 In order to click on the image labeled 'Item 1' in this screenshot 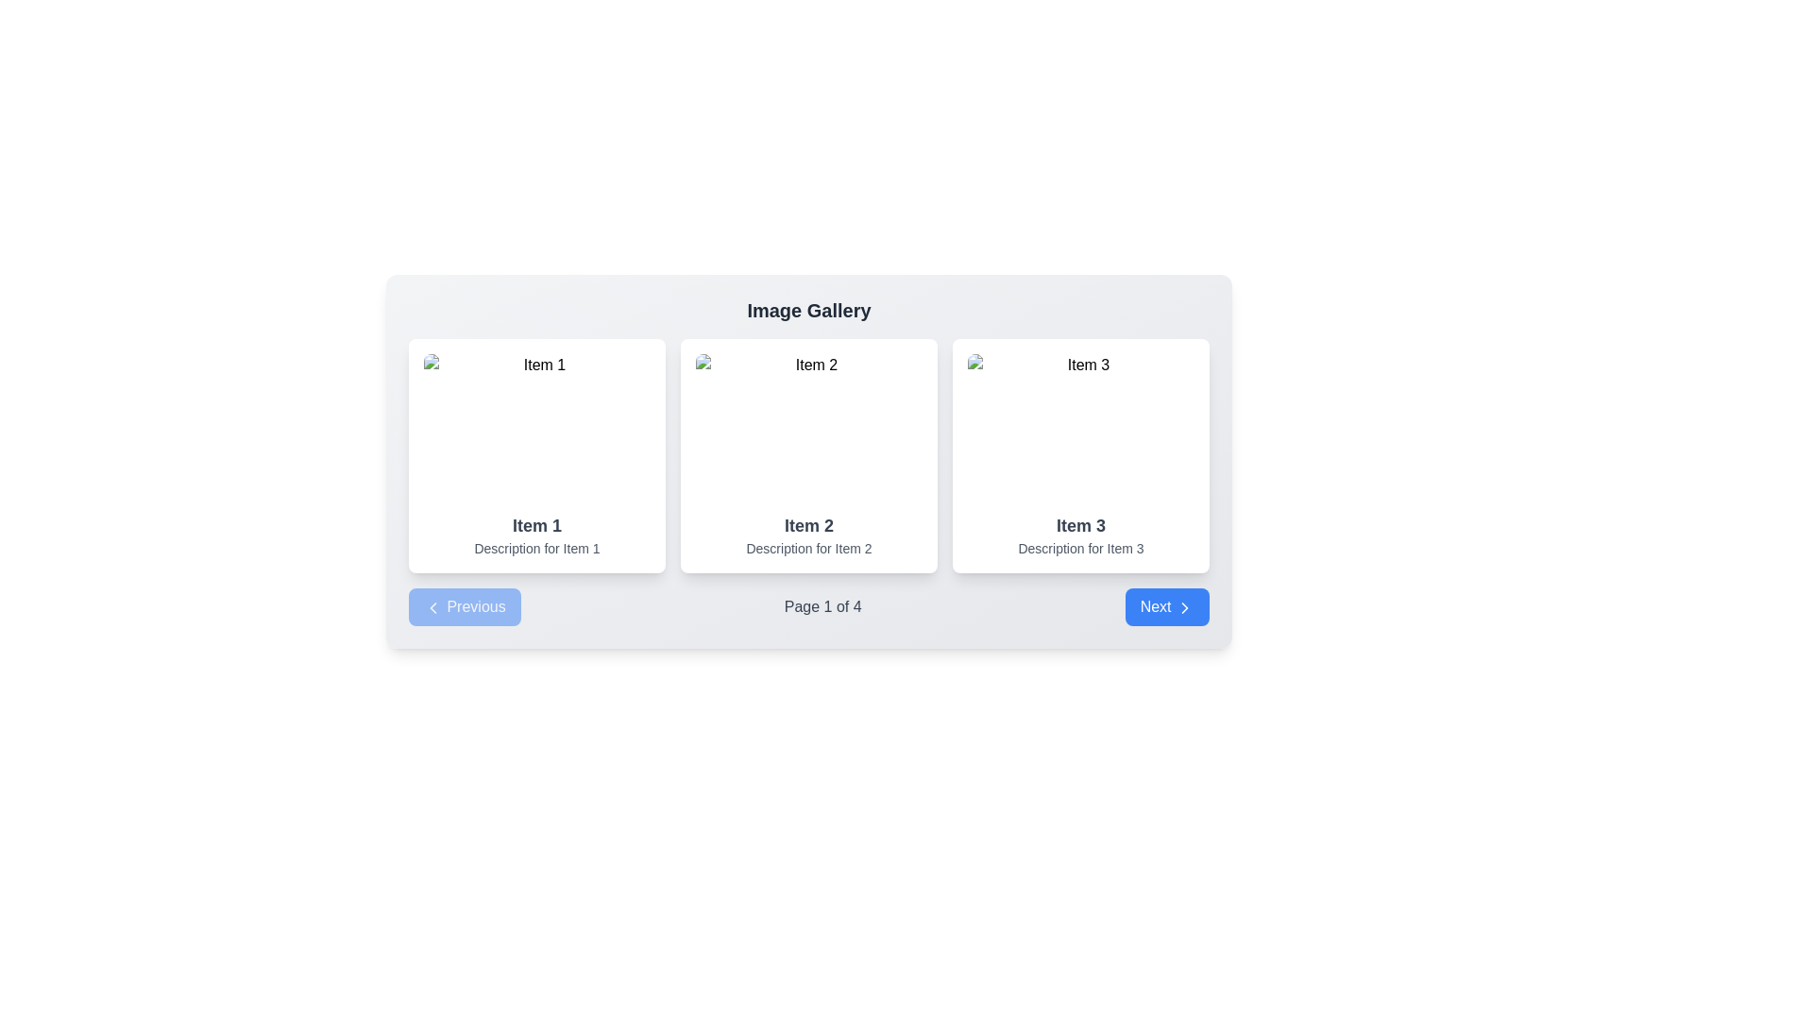, I will do `click(536, 430)`.